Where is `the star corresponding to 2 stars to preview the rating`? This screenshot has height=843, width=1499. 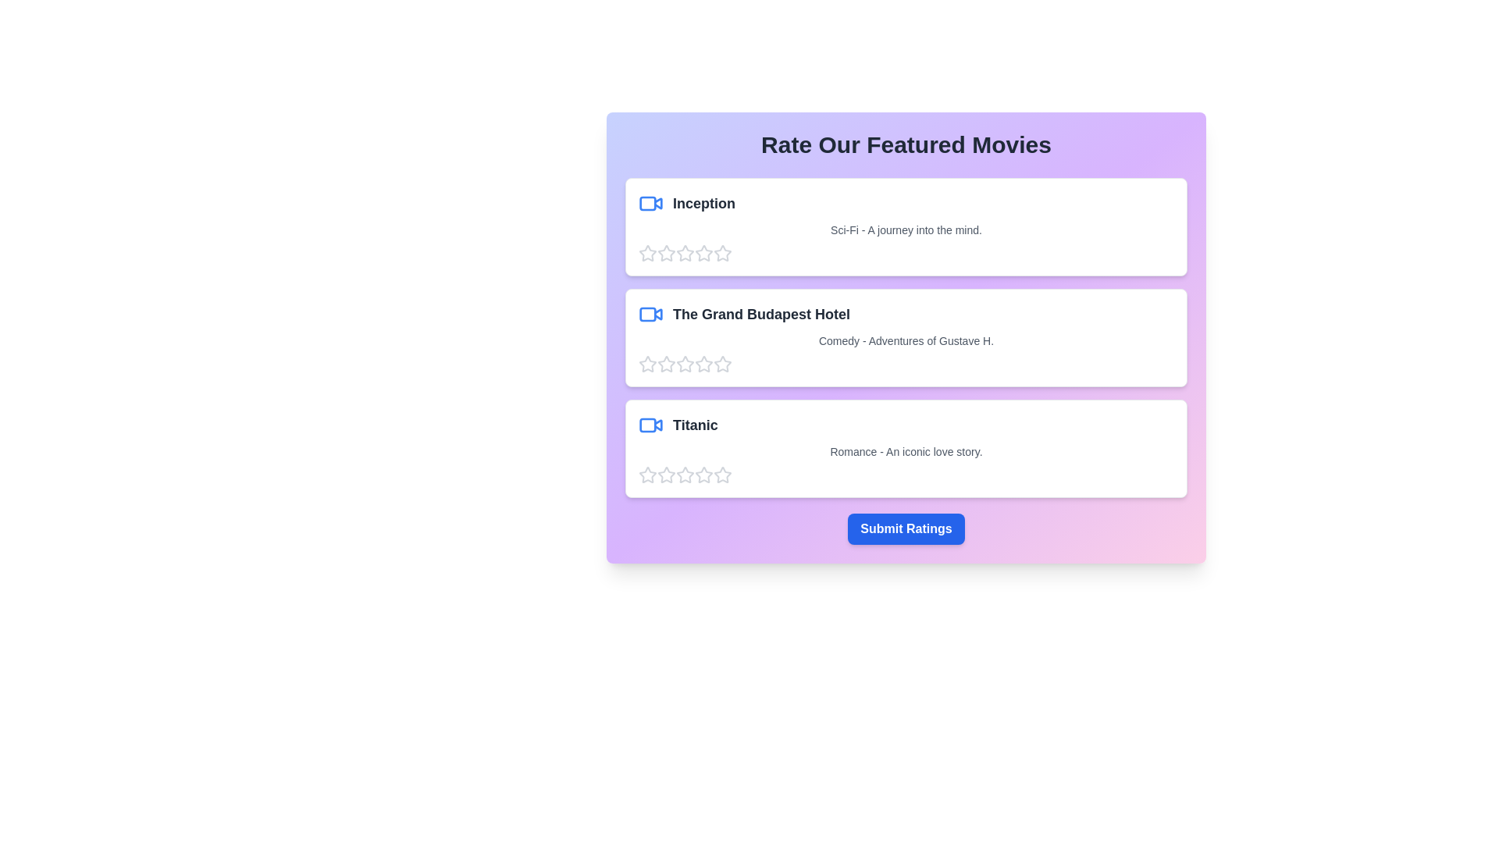
the star corresponding to 2 stars to preview the rating is located at coordinates (667, 252).